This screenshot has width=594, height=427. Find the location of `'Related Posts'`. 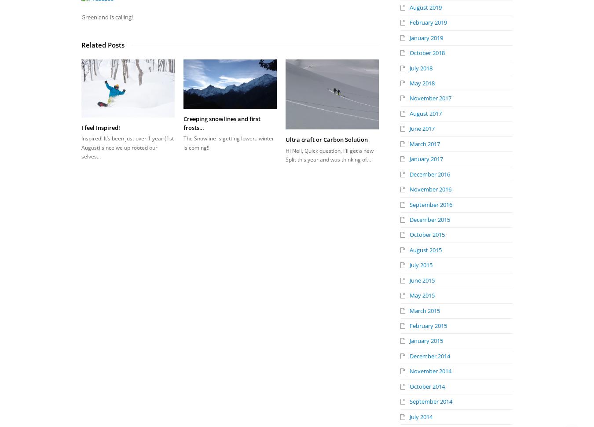

'Related Posts' is located at coordinates (81, 45).